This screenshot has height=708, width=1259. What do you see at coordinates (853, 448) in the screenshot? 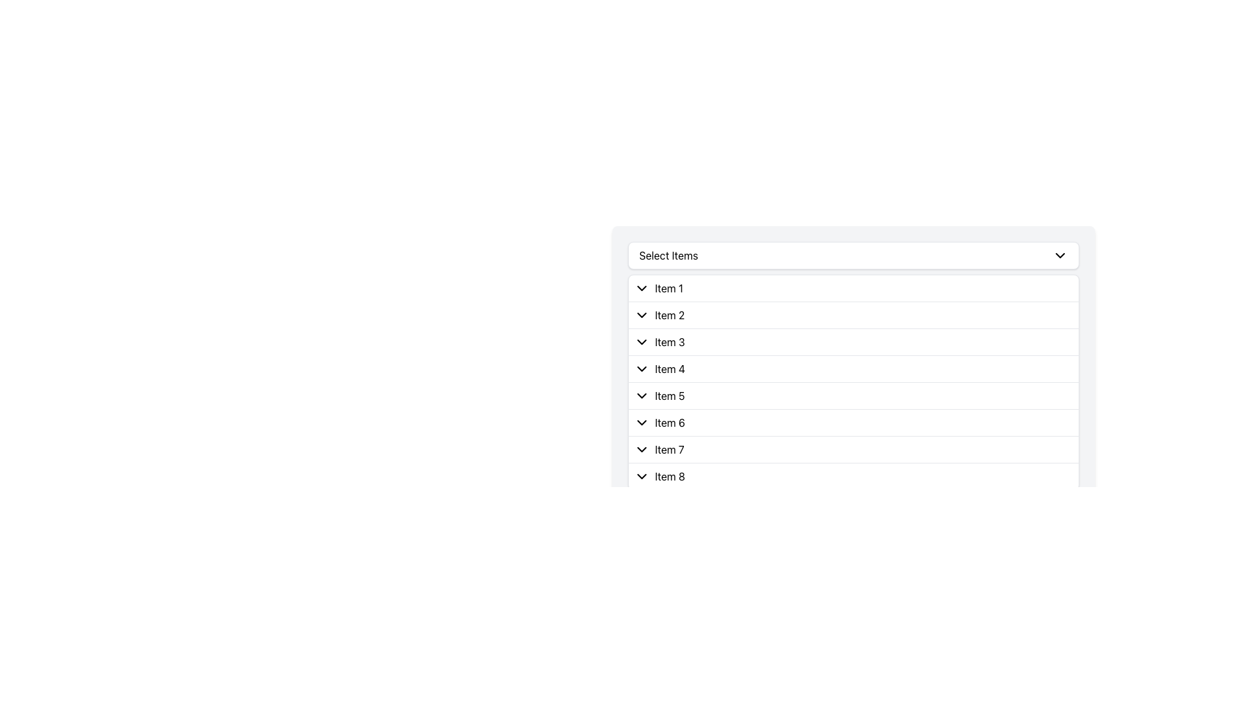
I see `the seventh list item in the vertical list` at bounding box center [853, 448].